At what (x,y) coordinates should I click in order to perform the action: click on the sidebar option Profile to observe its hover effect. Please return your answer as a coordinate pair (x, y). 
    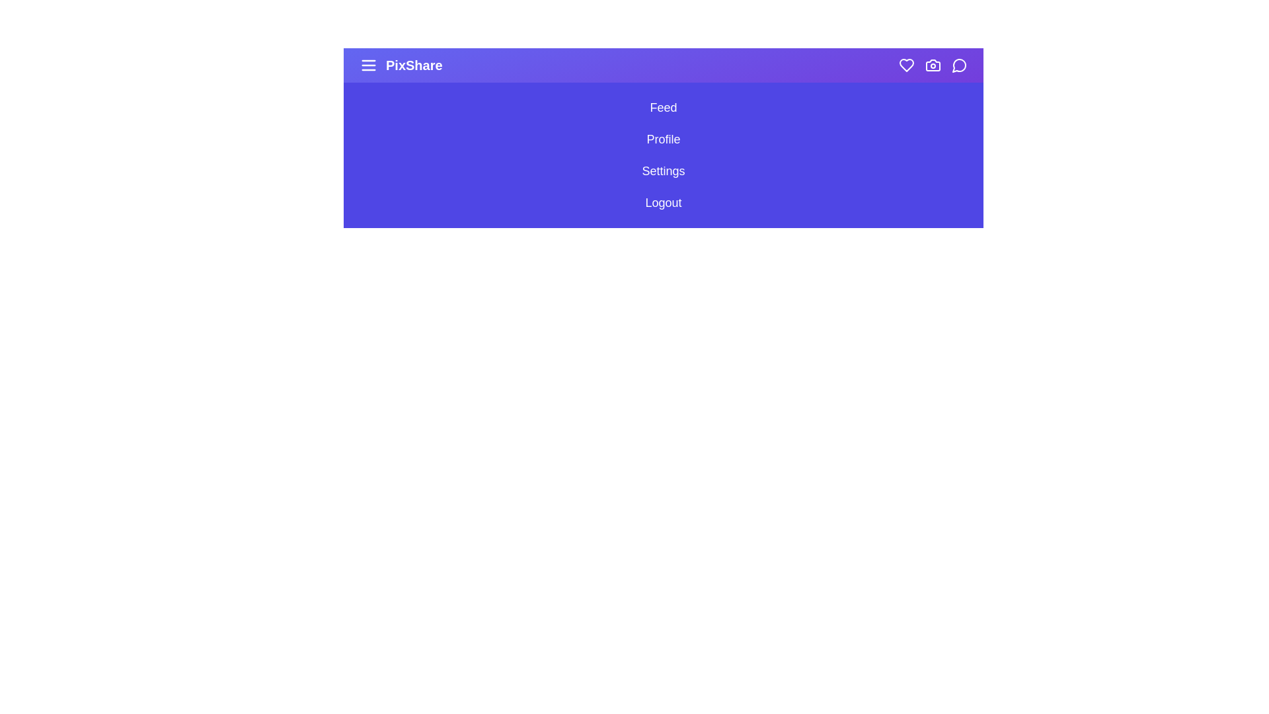
    Looking at the image, I should click on (663, 139).